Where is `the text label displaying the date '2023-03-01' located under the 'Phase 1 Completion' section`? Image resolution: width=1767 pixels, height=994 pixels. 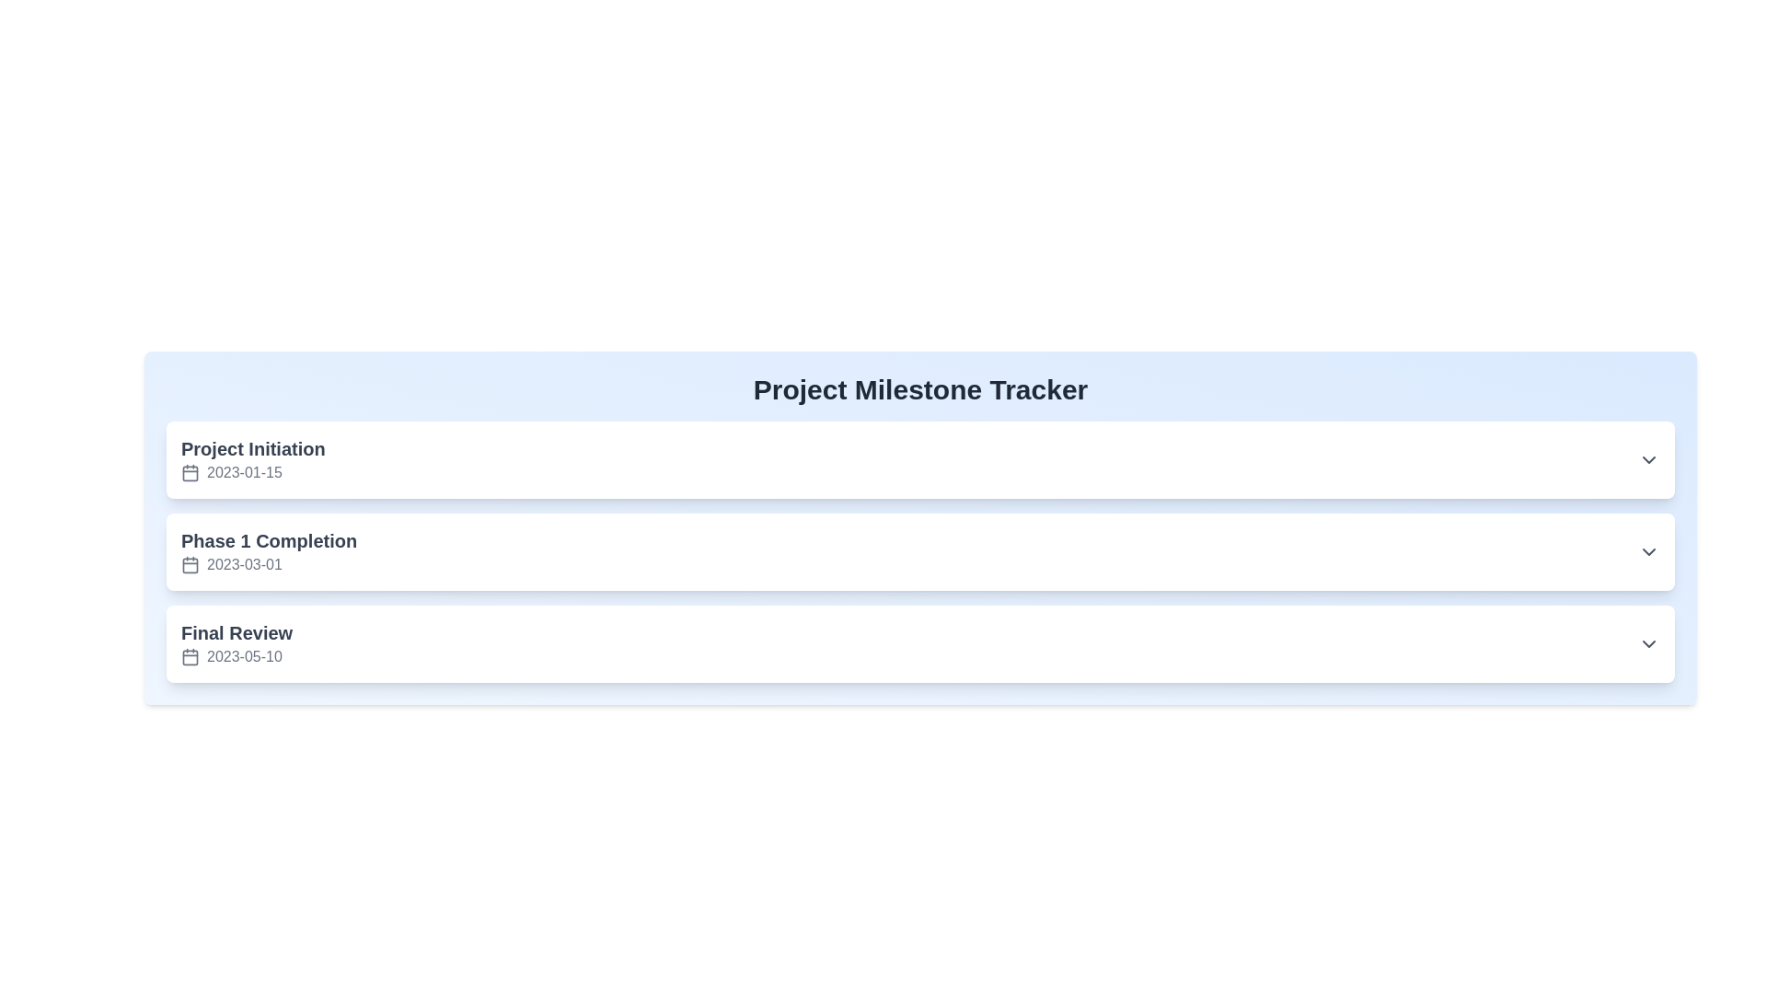 the text label displaying the date '2023-03-01' located under the 'Phase 1 Completion' section is located at coordinates (268, 563).